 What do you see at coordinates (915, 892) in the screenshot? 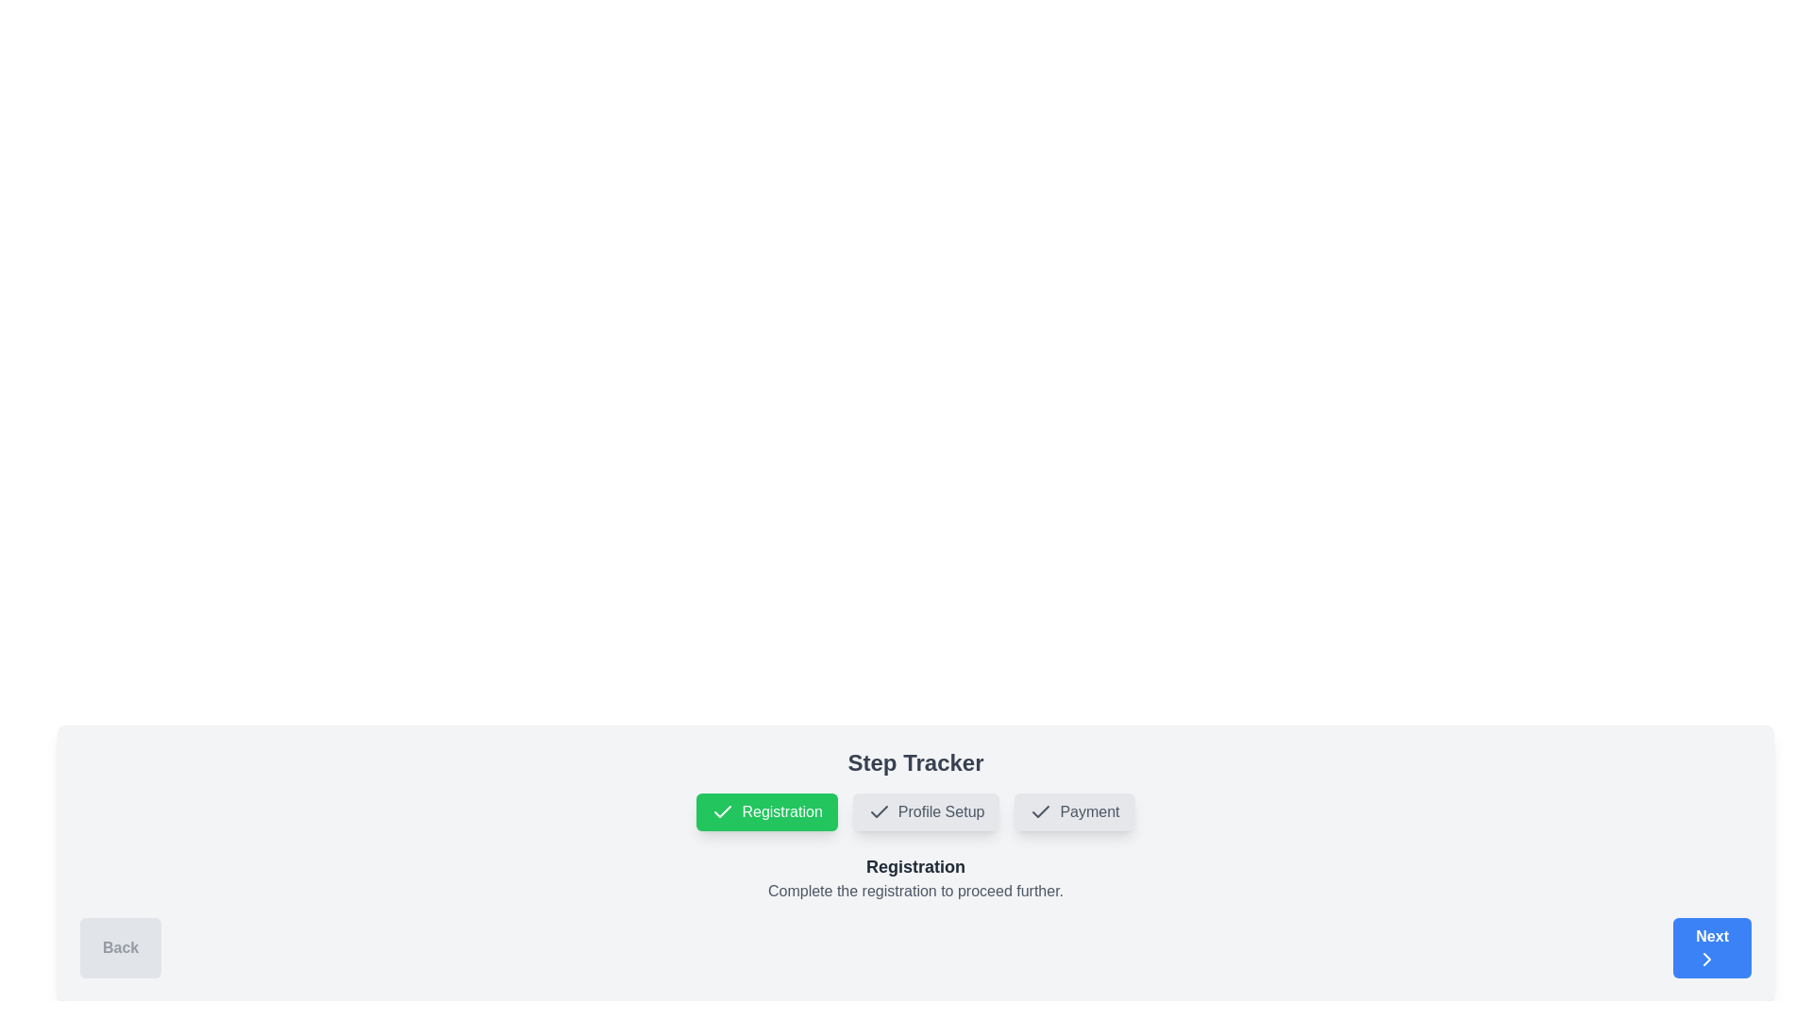
I see `informative guidance text located at the center-bottom of the interface, directly beneath the bold 'Registration' heading` at bounding box center [915, 892].